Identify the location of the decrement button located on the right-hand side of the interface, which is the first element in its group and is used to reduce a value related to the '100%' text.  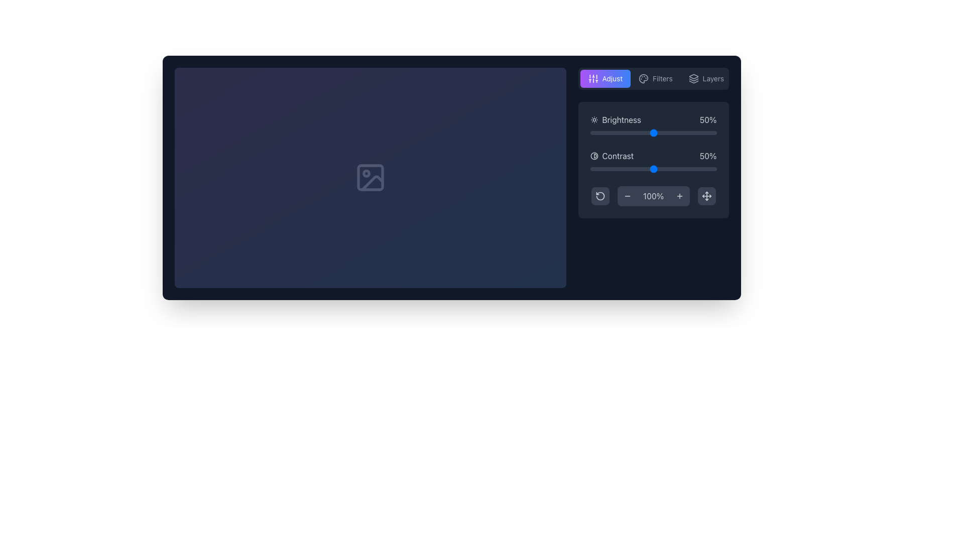
(627, 196).